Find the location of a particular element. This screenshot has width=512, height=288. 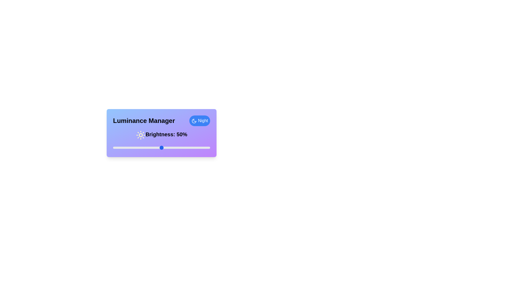

the luminance slider to 91% is located at coordinates (201, 148).